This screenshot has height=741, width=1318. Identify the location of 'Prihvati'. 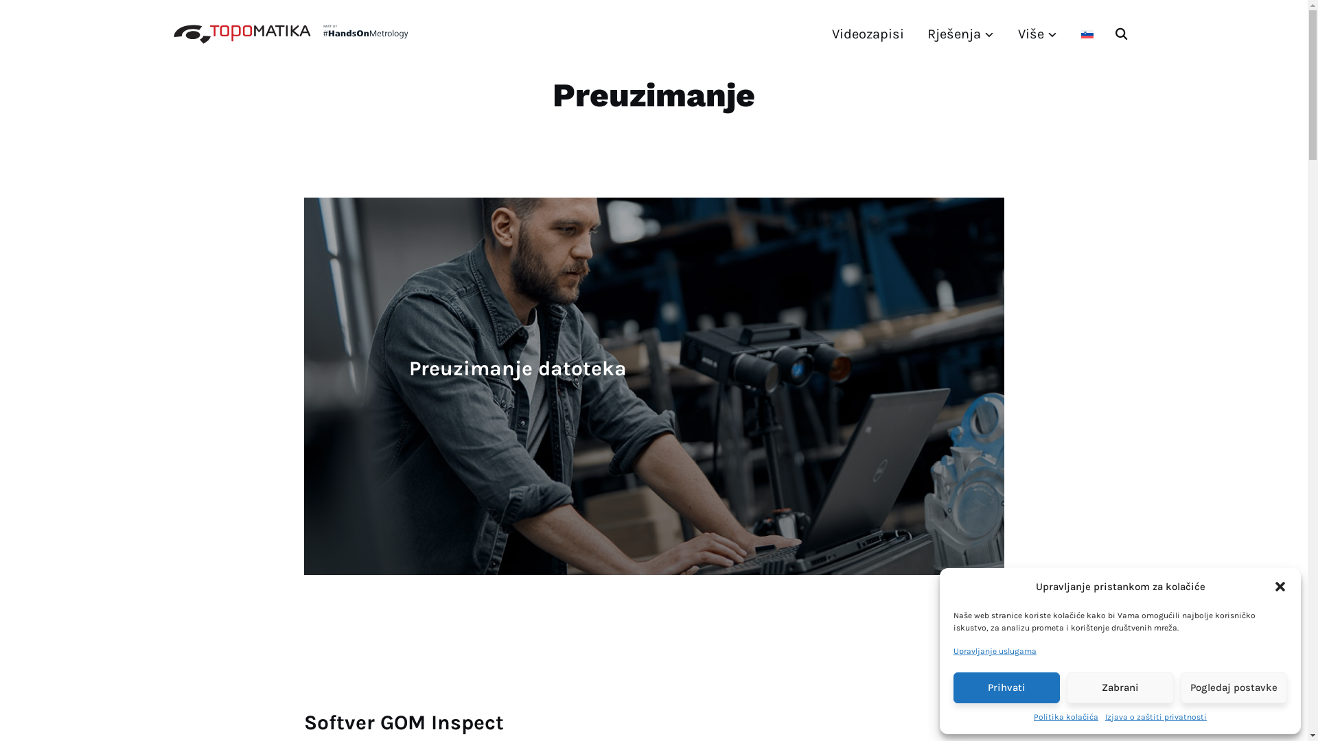
(1006, 687).